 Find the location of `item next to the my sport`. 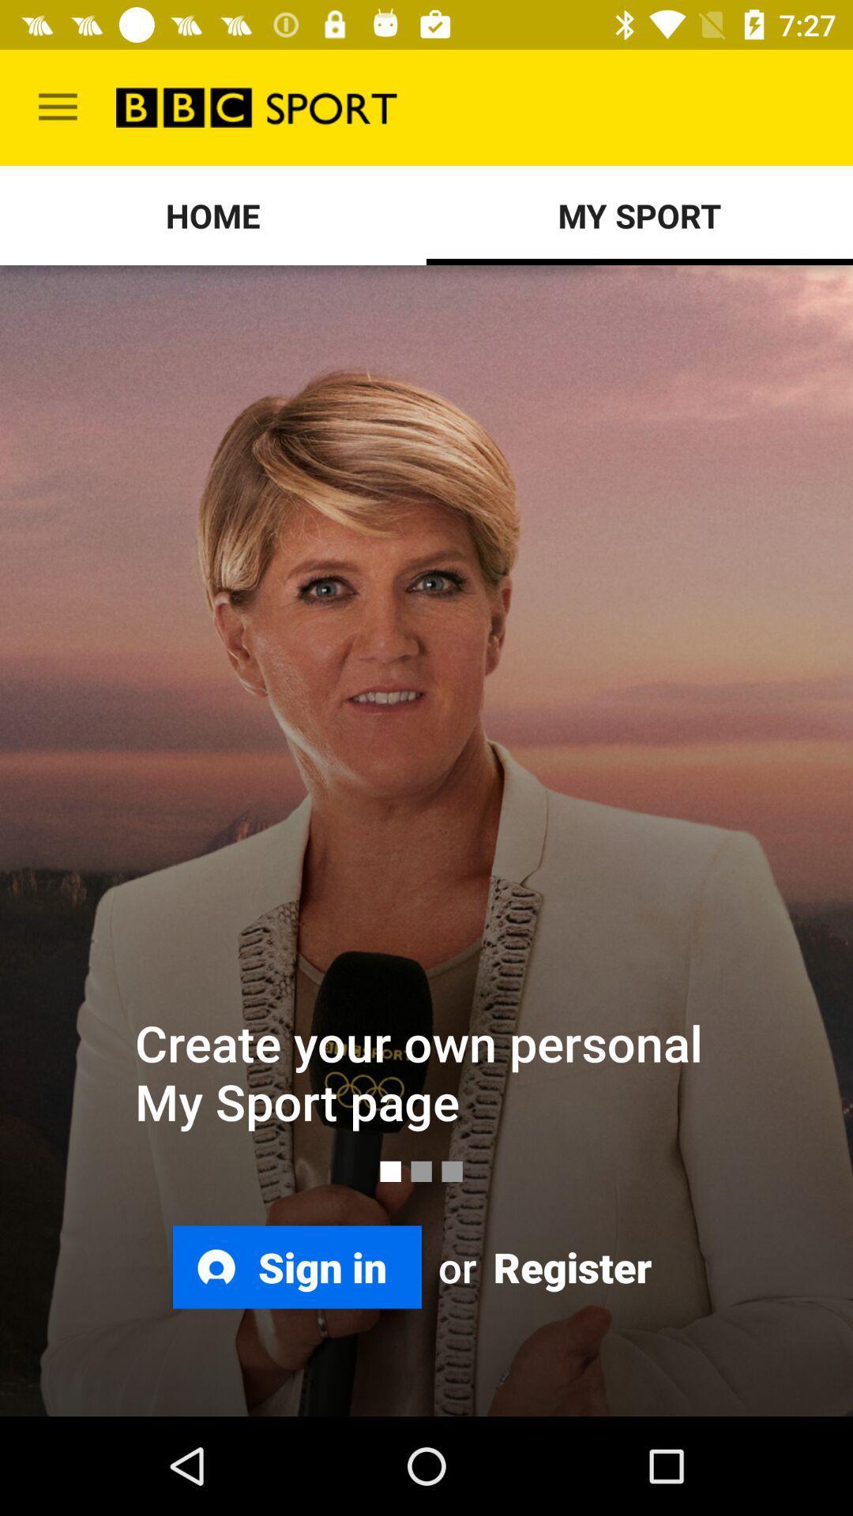

item next to the my sport is located at coordinates (213, 215).